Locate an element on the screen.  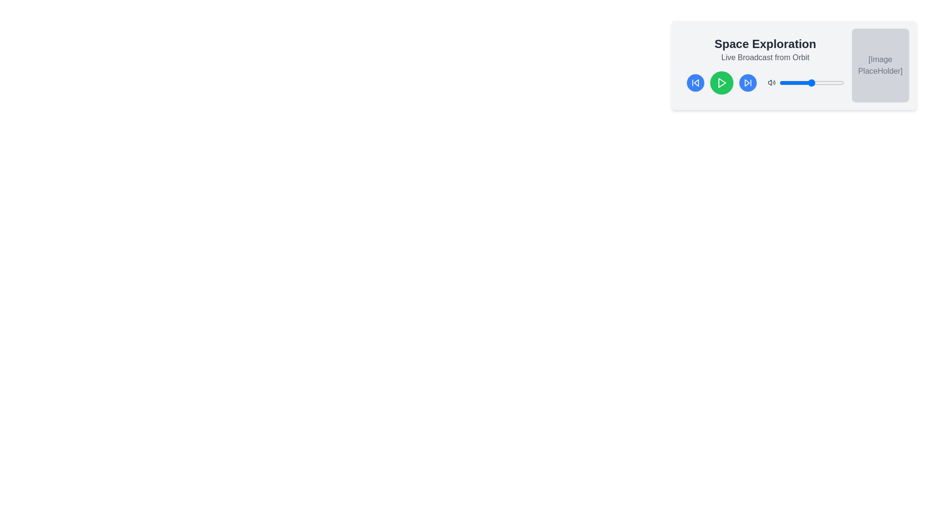
the slider value is located at coordinates (782, 82).